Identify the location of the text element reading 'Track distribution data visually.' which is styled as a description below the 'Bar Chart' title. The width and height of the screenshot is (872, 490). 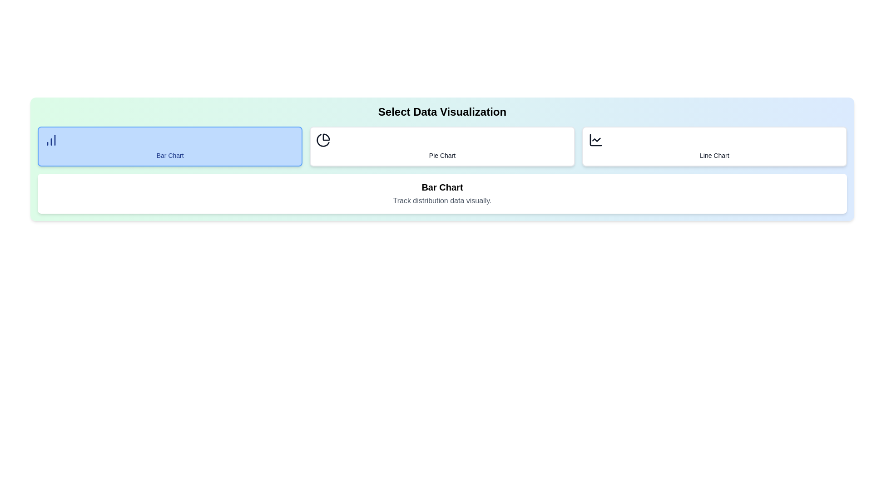
(442, 201).